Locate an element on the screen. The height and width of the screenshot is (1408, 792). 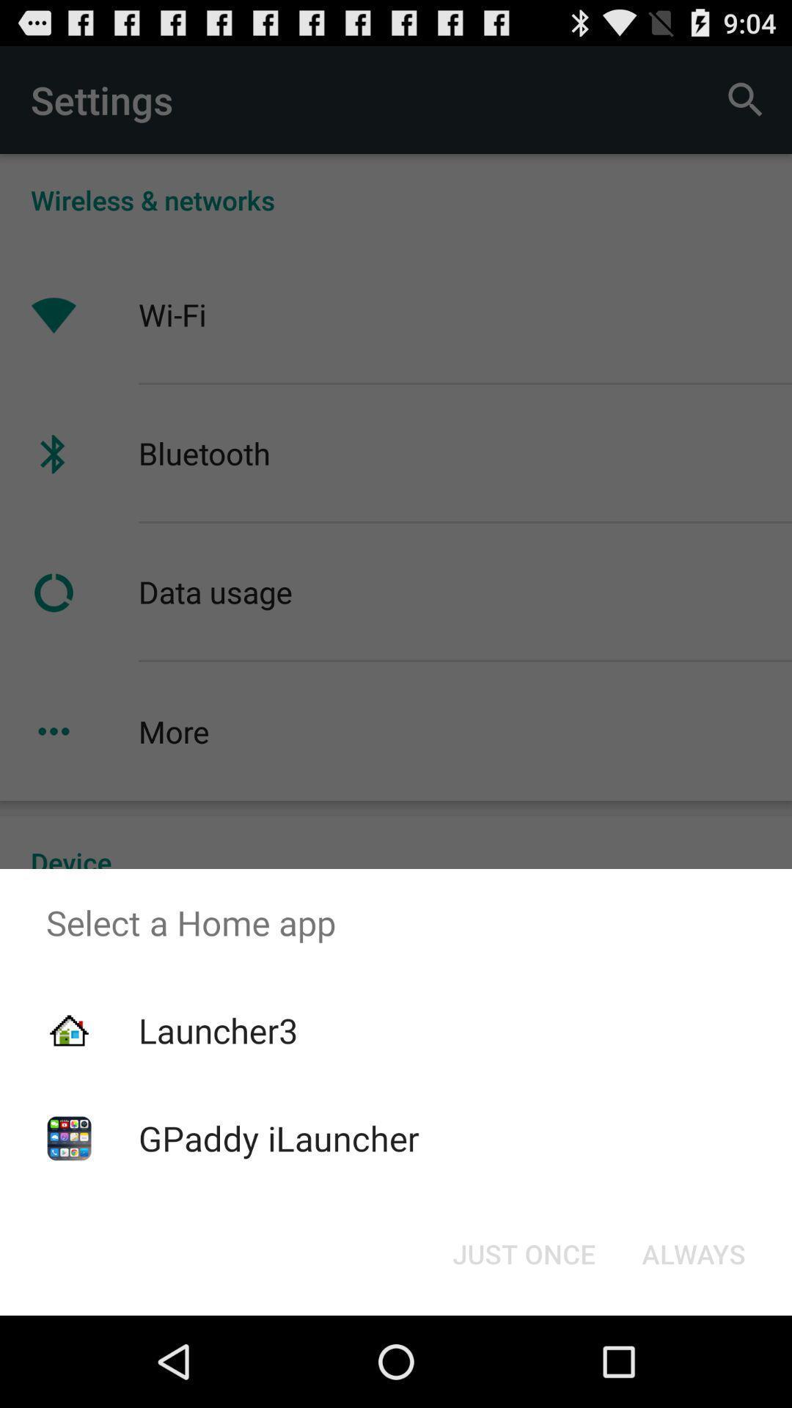
item below the launcher3 icon is located at coordinates (279, 1137).